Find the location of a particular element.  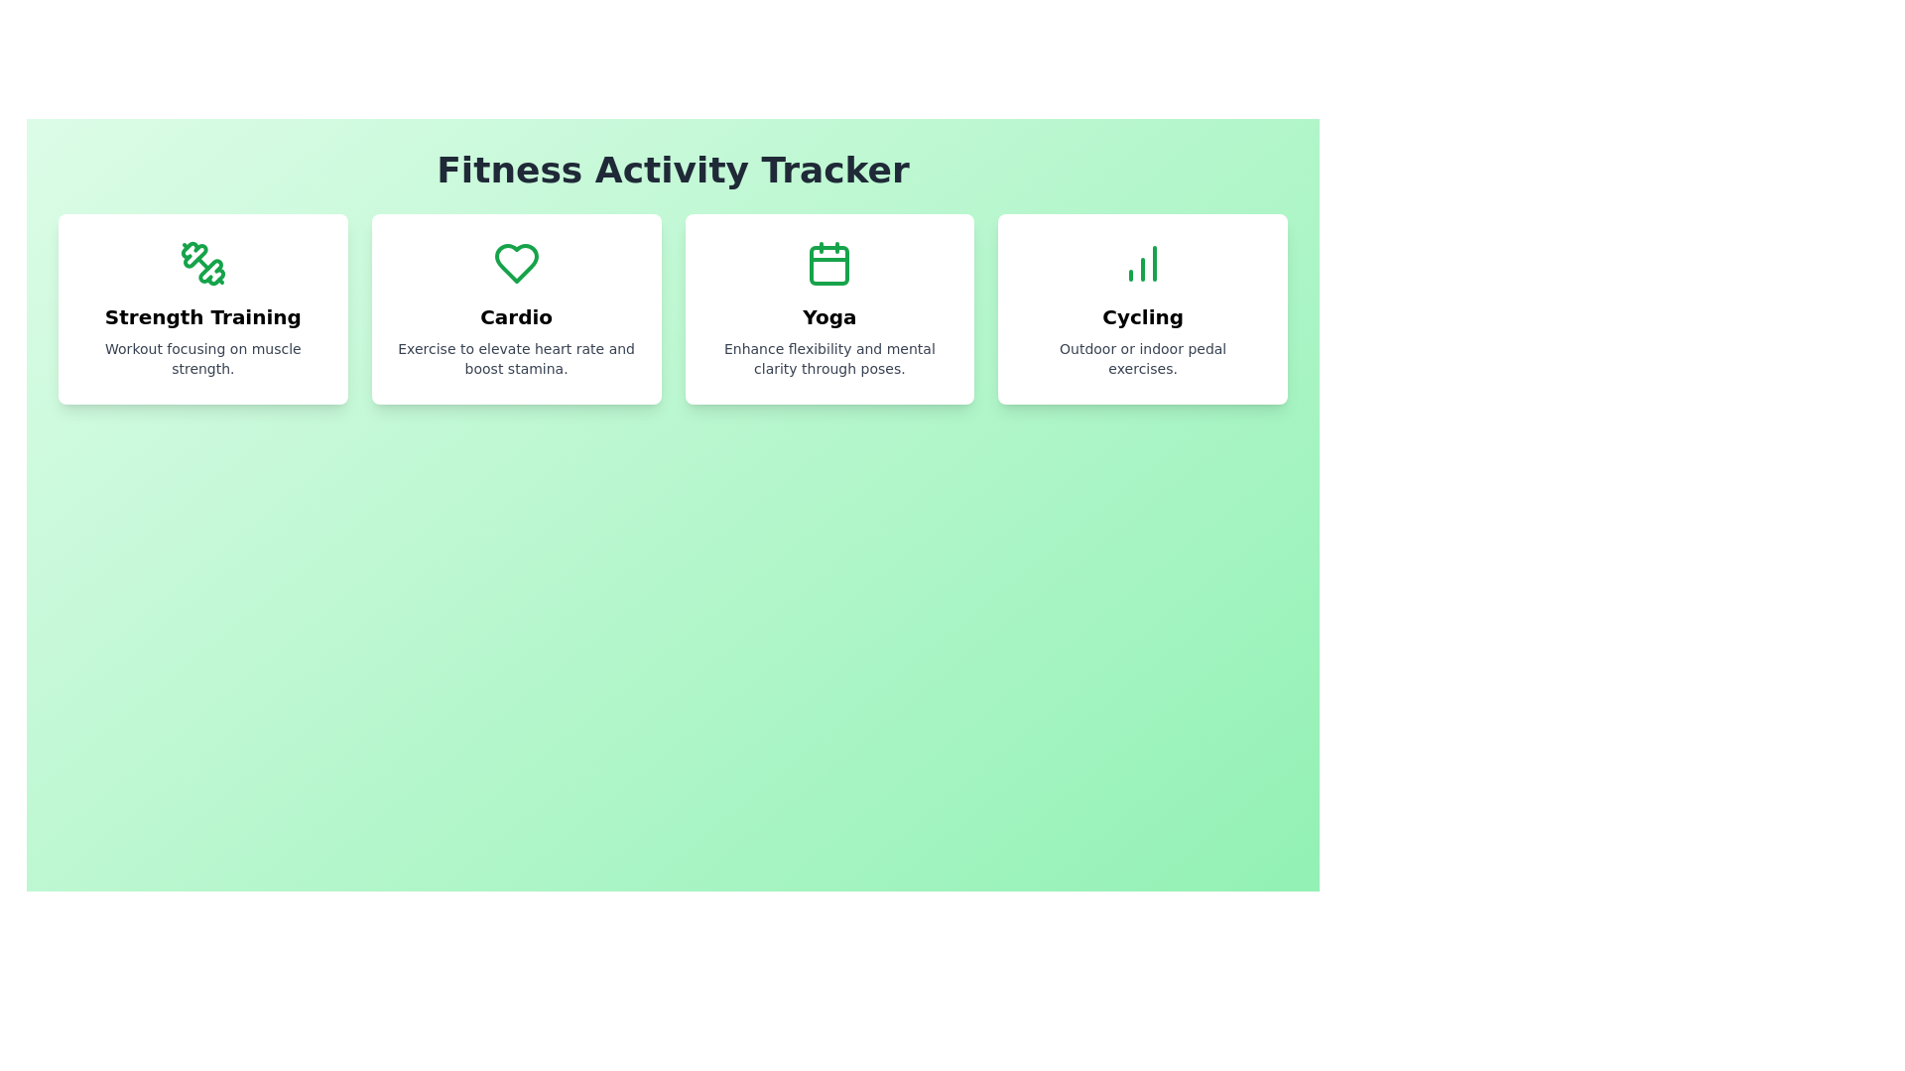

the graphical icon representing the 'Strength Training' activity, located in the first card of the row, to interact with the associated card is located at coordinates (211, 272).